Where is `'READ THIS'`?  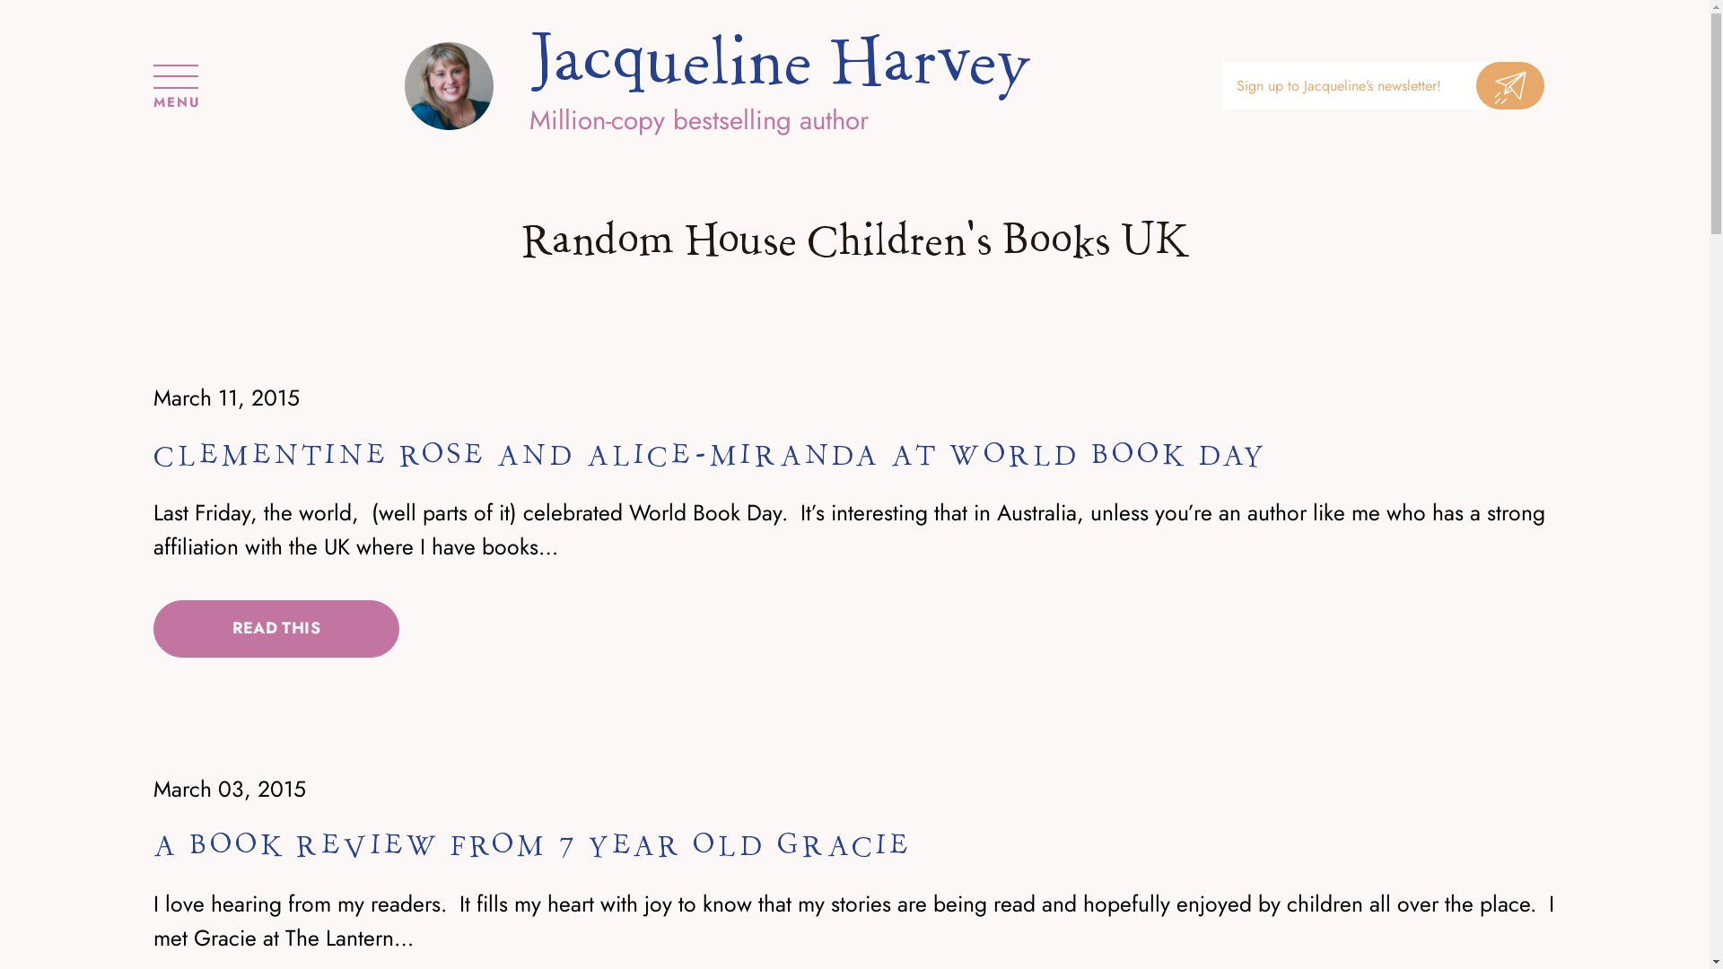
'READ THIS' is located at coordinates (153, 628).